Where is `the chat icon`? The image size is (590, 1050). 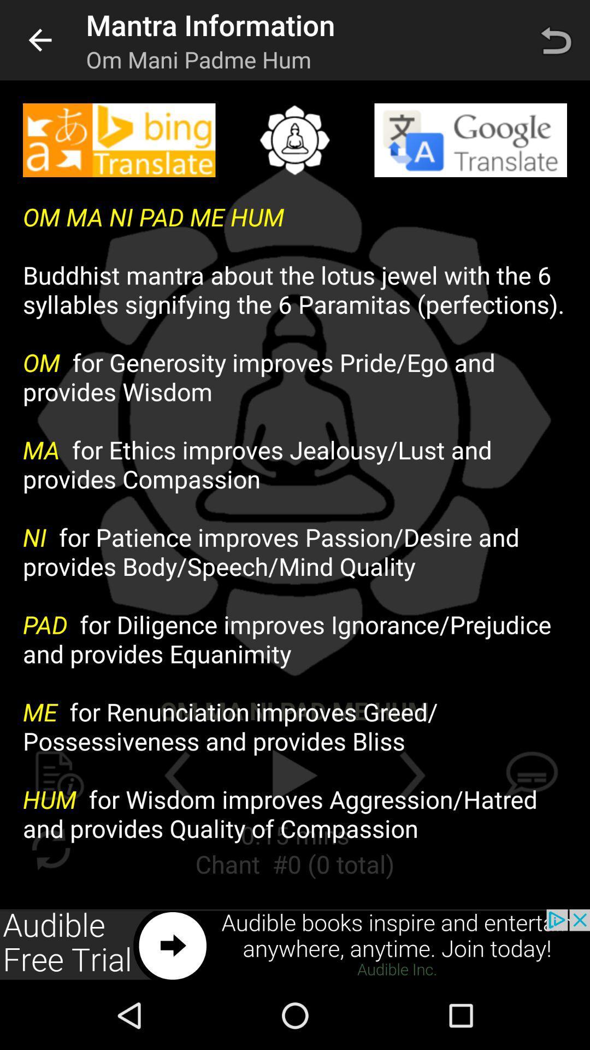
the chat icon is located at coordinates (529, 775).